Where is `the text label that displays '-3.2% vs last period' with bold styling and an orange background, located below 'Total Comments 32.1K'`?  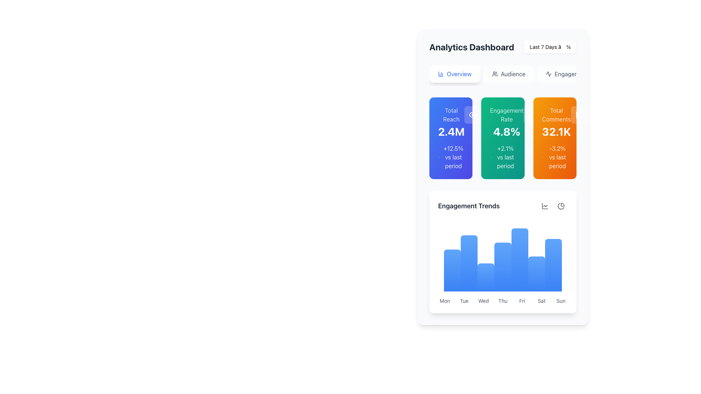 the text label that displays '-3.2% vs last period' with bold styling and an orange background, located below 'Total Comments 32.1K' is located at coordinates (557, 157).